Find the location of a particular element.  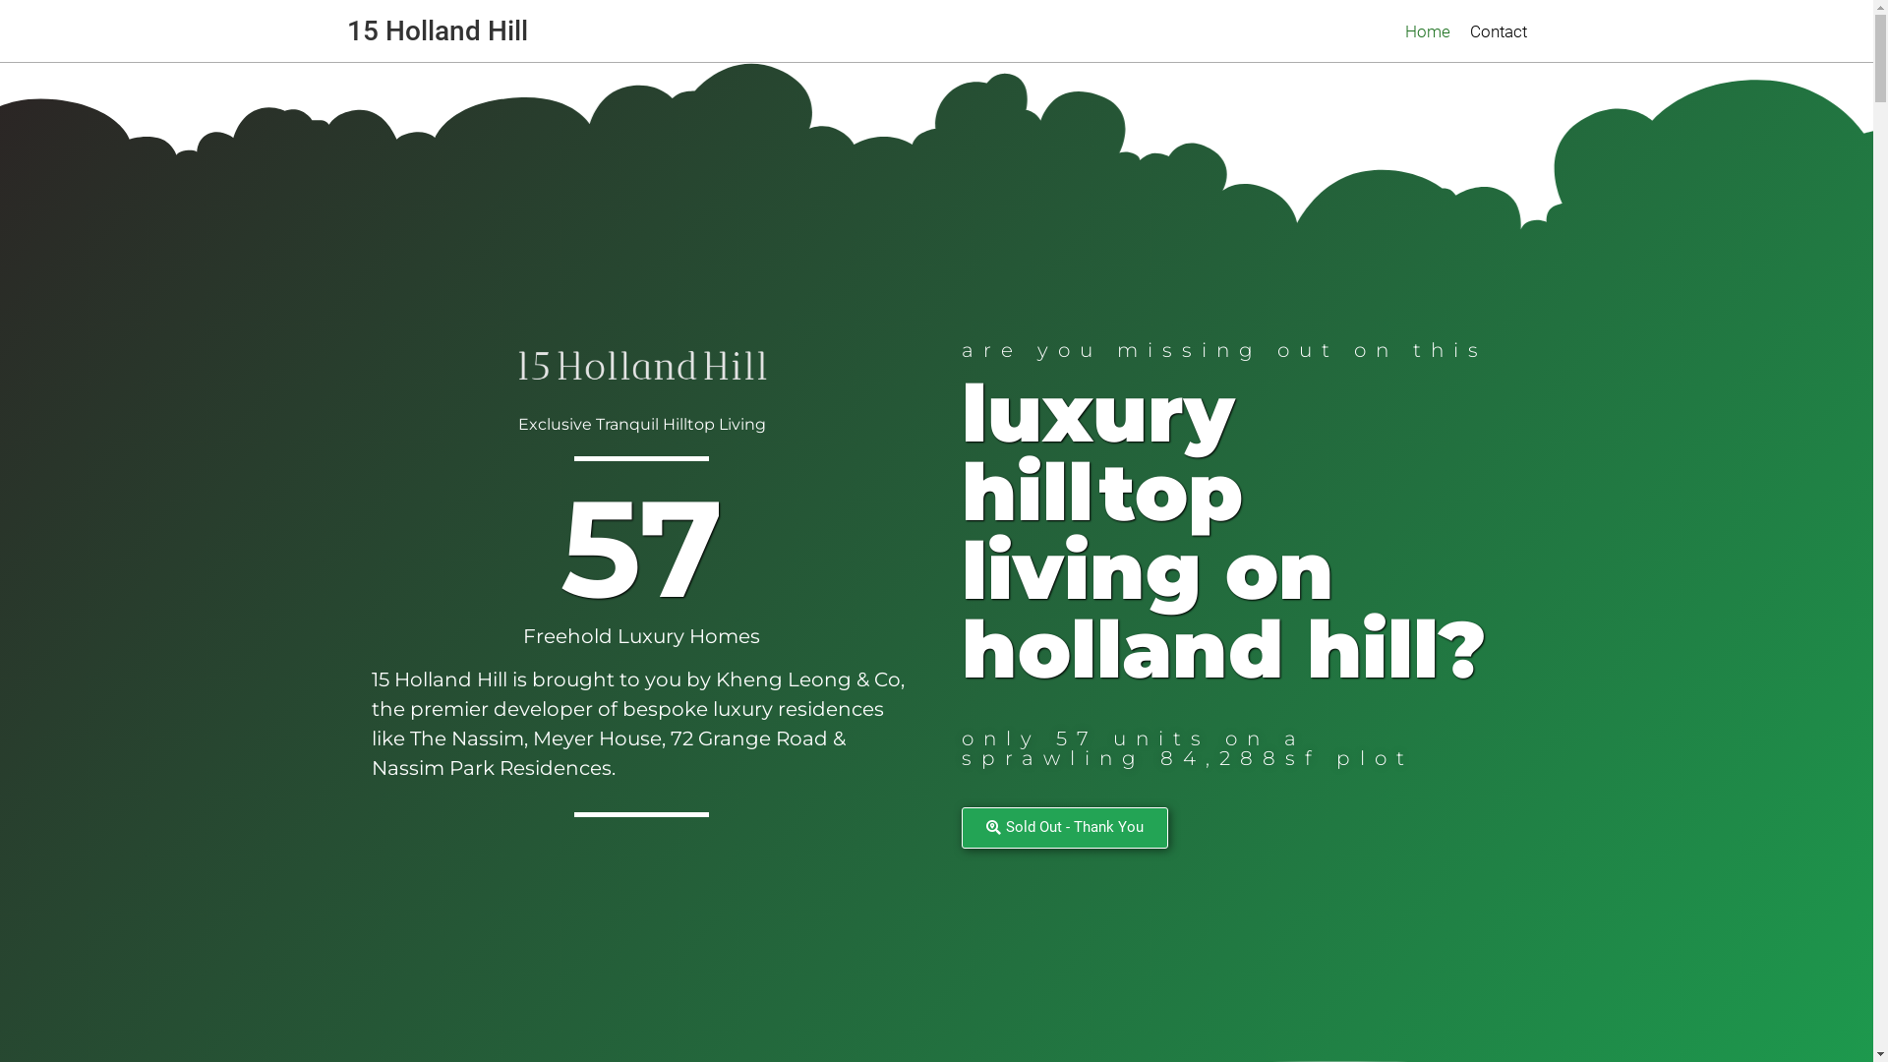

'15 Holland Hill' is located at coordinates (436, 29).